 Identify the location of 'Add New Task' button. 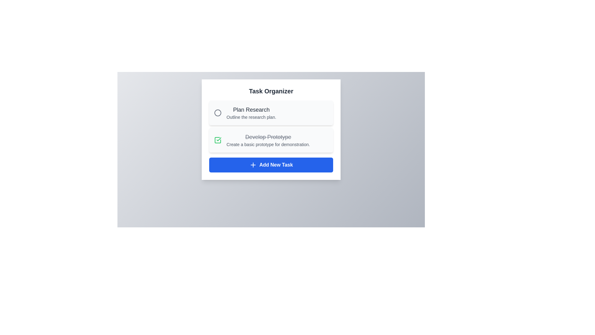
(271, 165).